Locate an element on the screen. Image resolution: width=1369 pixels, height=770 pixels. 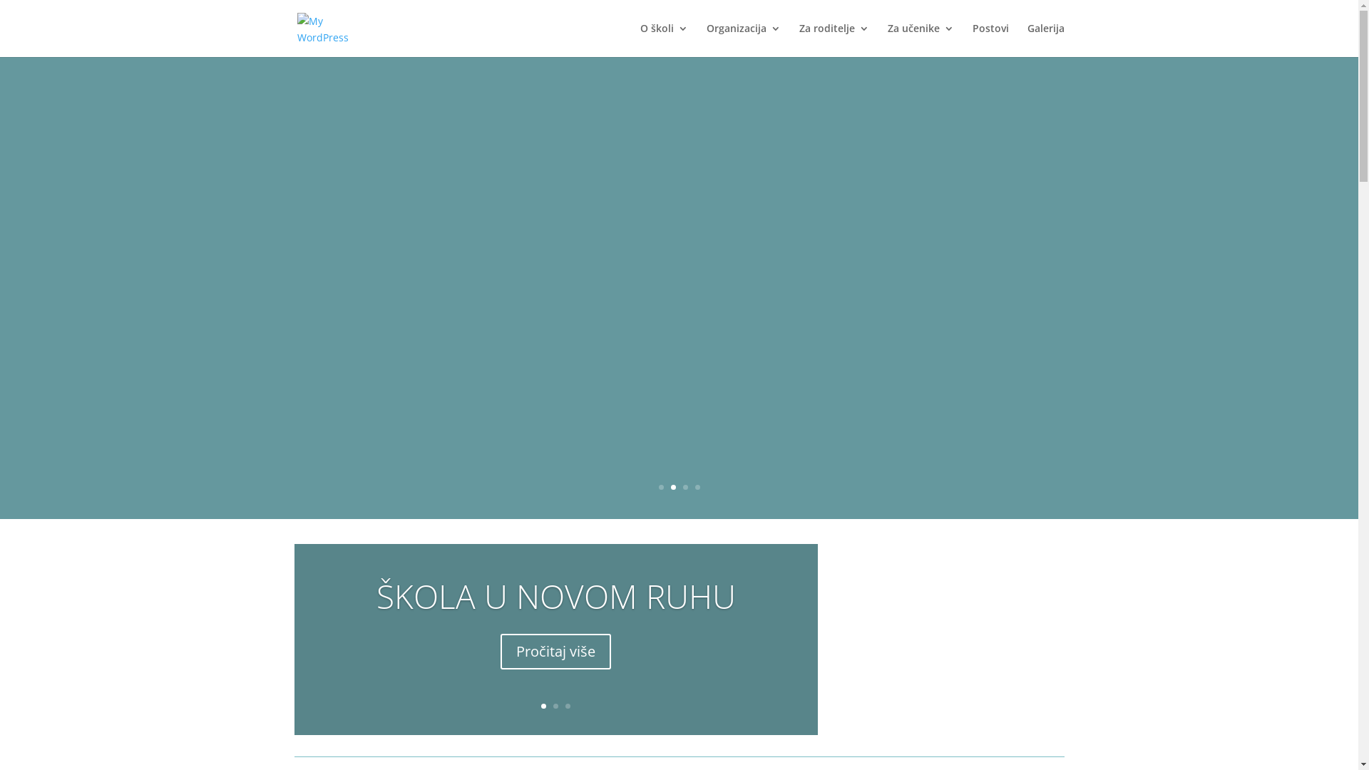
'2' is located at coordinates (672, 486).